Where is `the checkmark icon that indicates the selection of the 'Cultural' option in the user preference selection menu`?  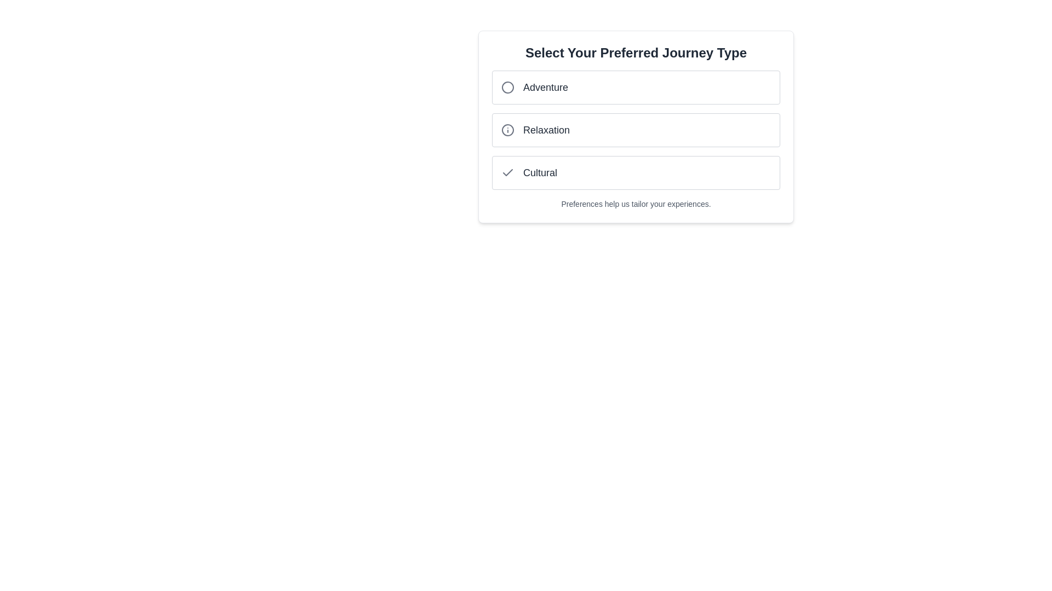 the checkmark icon that indicates the selection of the 'Cultural' option in the user preference selection menu is located at coordinates (507, 172).